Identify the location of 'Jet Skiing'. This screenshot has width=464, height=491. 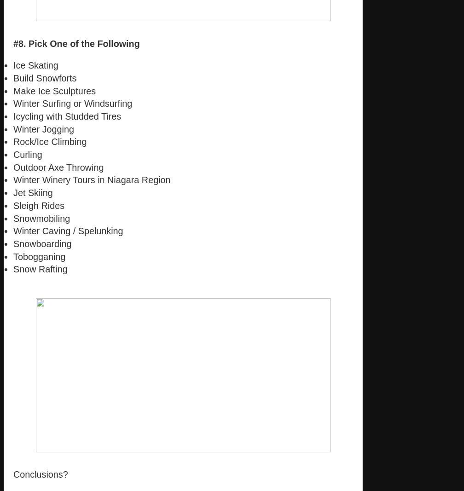
(33, 192).